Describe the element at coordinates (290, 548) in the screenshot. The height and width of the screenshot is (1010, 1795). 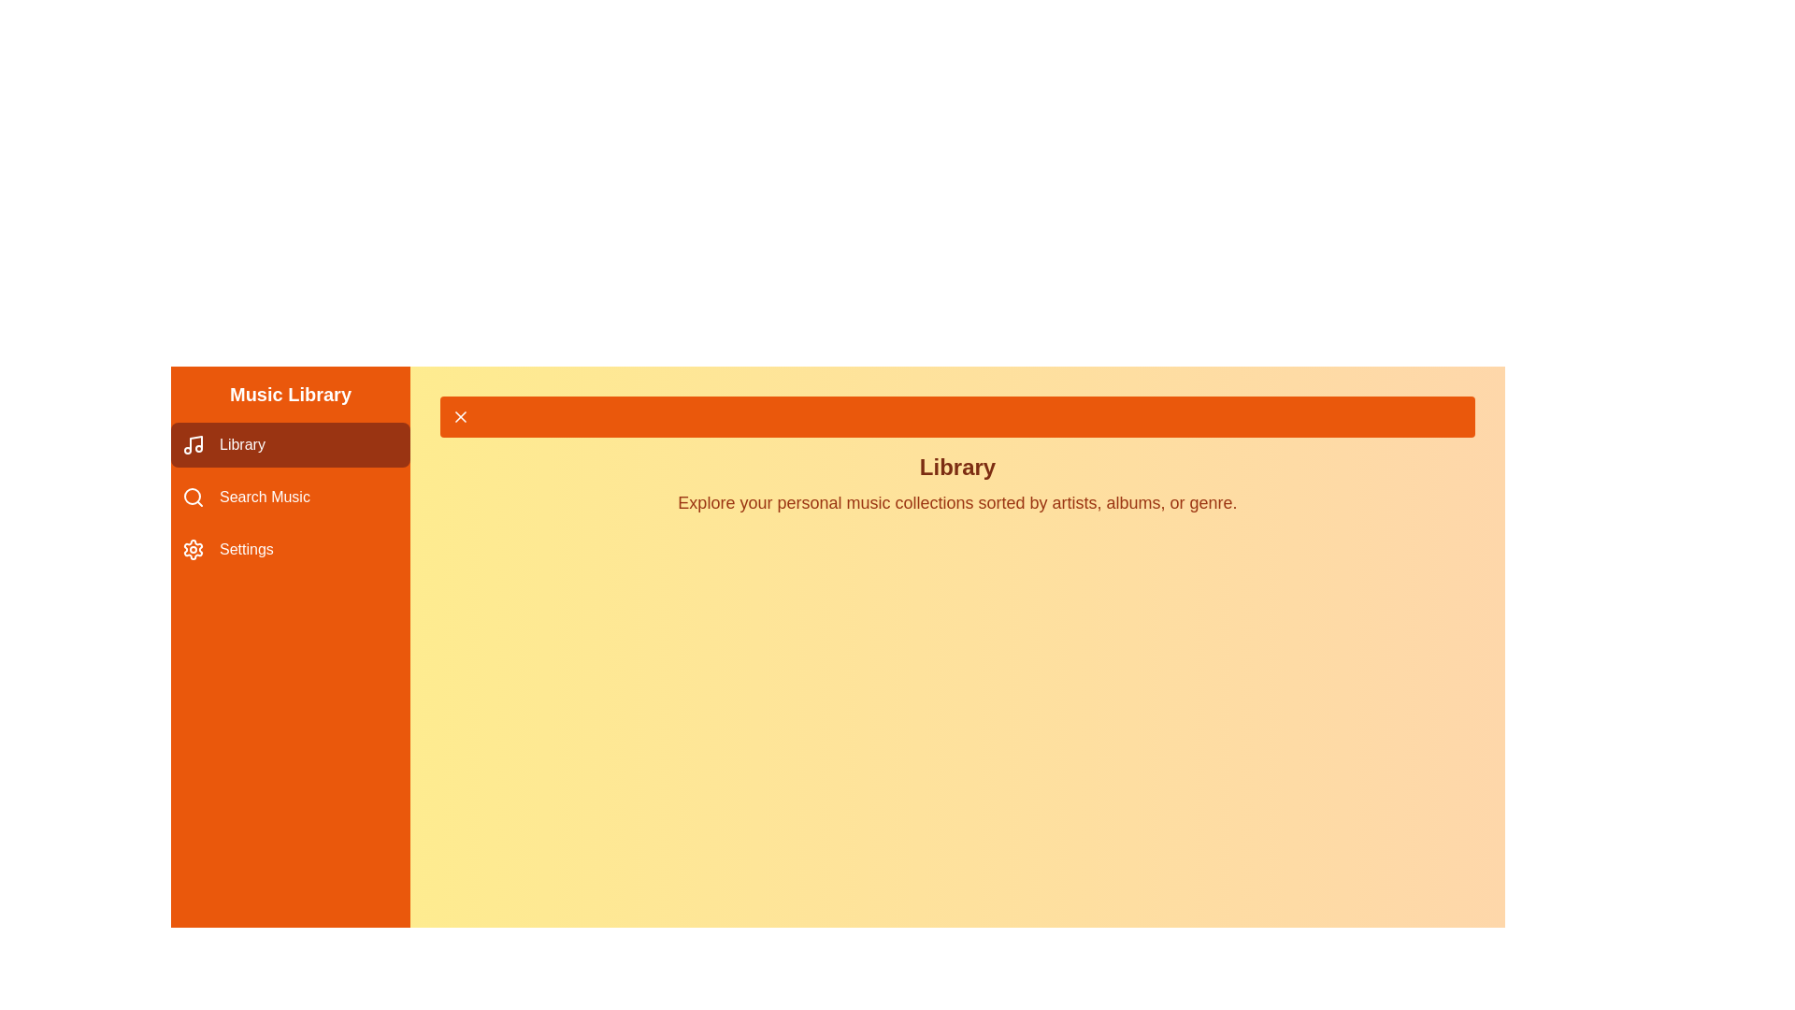
I see `the menu item Settings to view its hover state effect` at that location.